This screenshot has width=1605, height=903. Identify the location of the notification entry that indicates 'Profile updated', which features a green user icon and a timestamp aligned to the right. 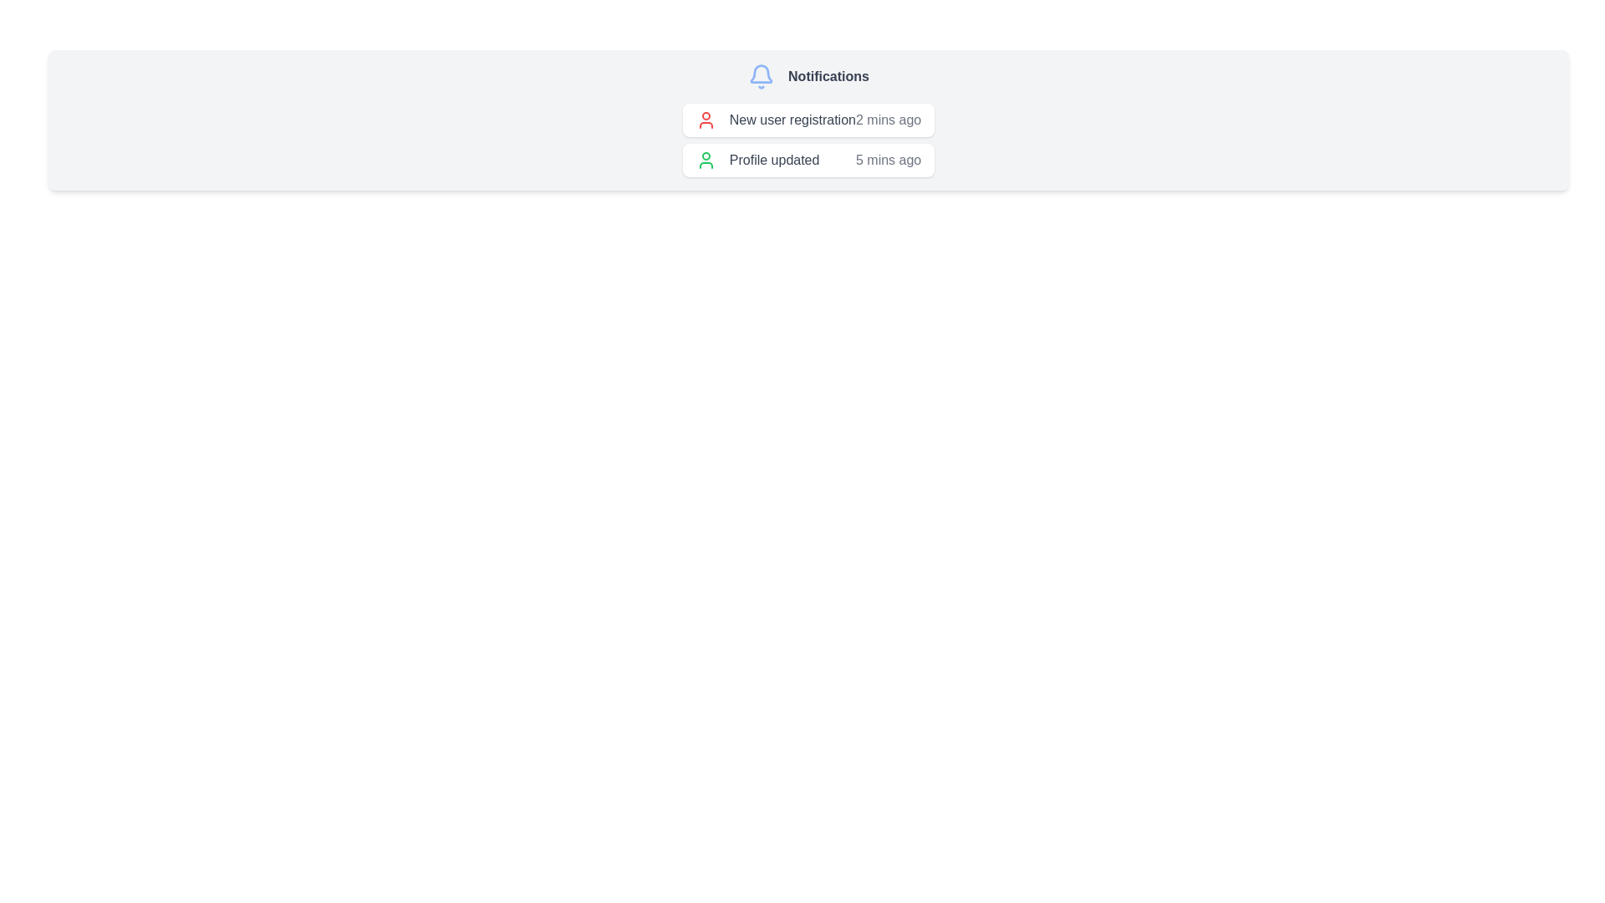
(808, 161).